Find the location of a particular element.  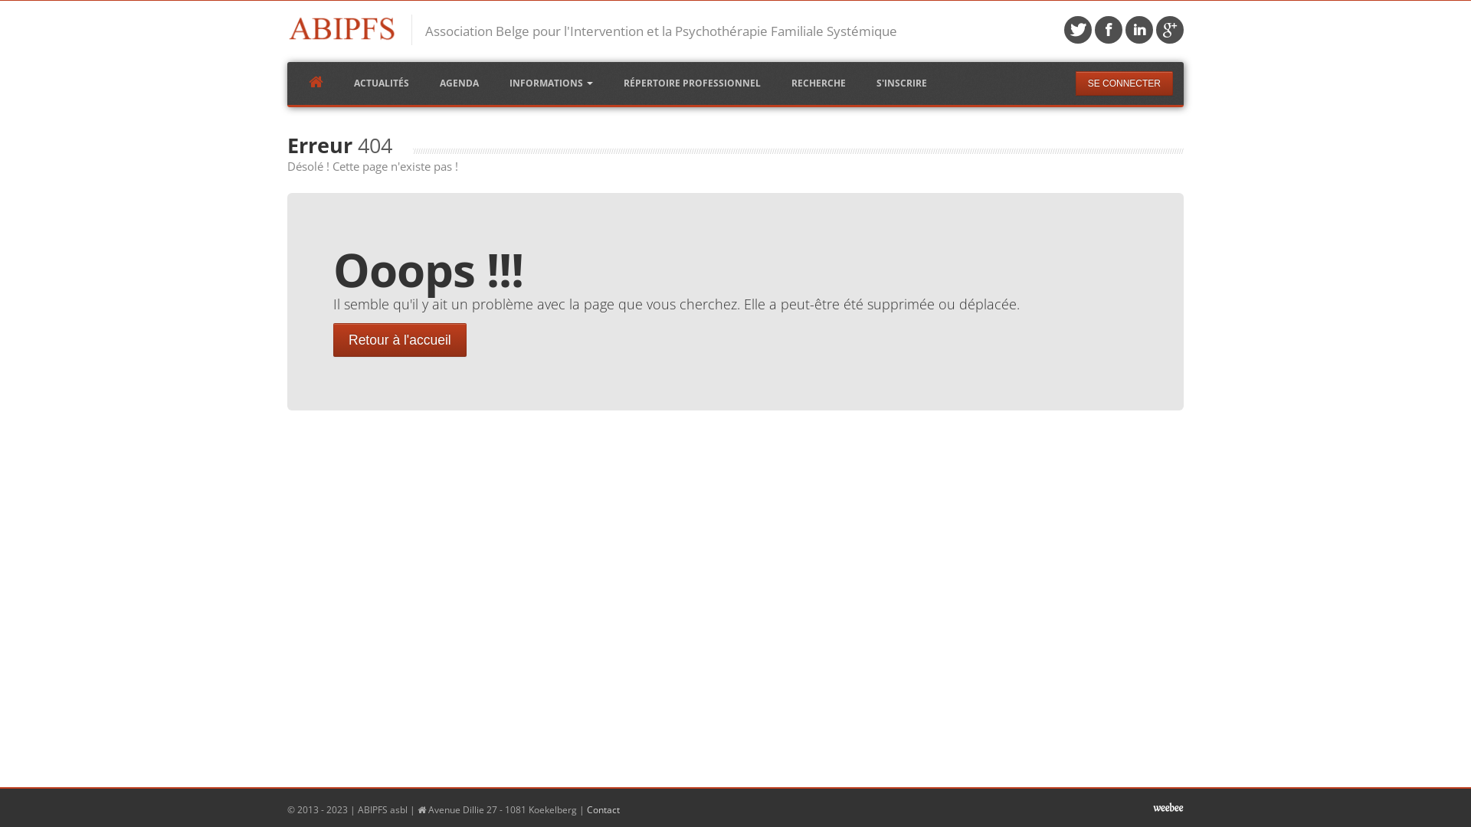

'S'INSCRIRE' is located at coordinates (901, 83).